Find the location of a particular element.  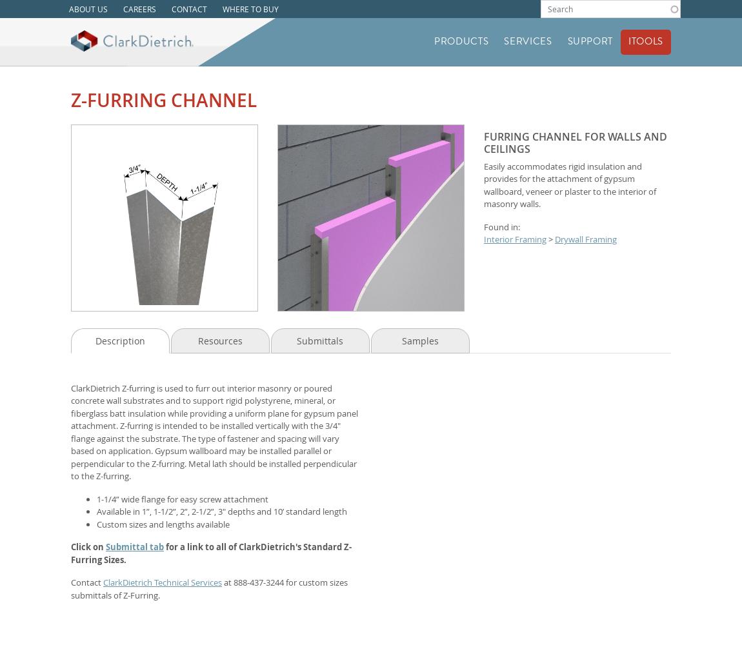

'Where to Buy' is located at coordinates (250, 8).